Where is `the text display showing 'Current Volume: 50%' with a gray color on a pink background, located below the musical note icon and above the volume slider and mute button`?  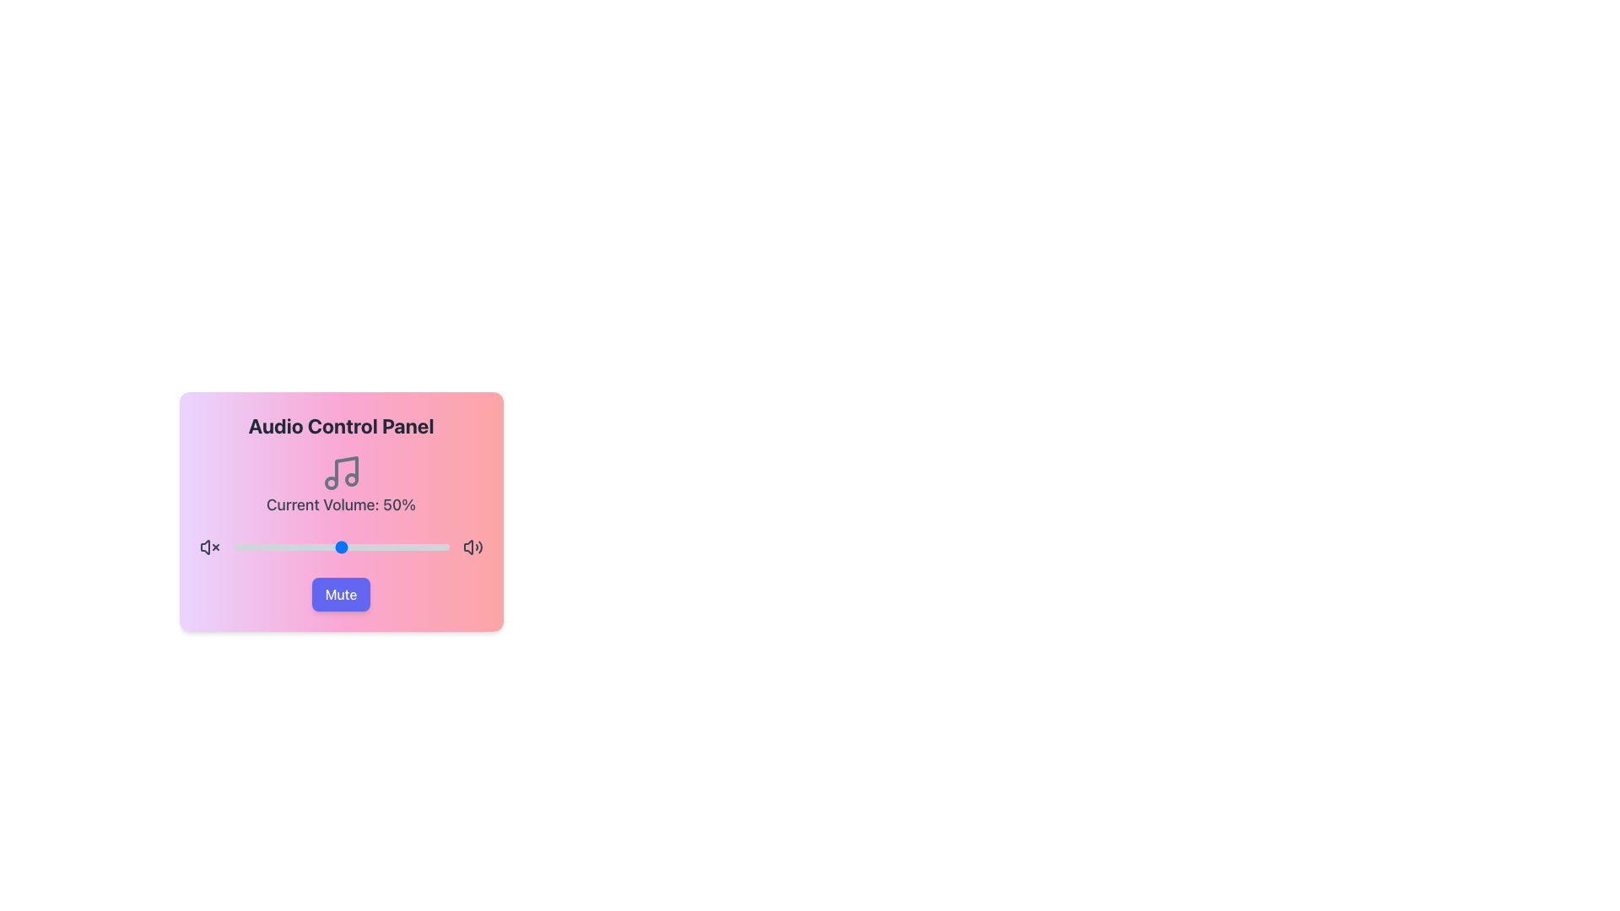
the text display showing 'Current Volume: 50%' with a gray color on a pink background, located below the musical note icon and above the volume slider and mute button is located at coordinates (340, 504).